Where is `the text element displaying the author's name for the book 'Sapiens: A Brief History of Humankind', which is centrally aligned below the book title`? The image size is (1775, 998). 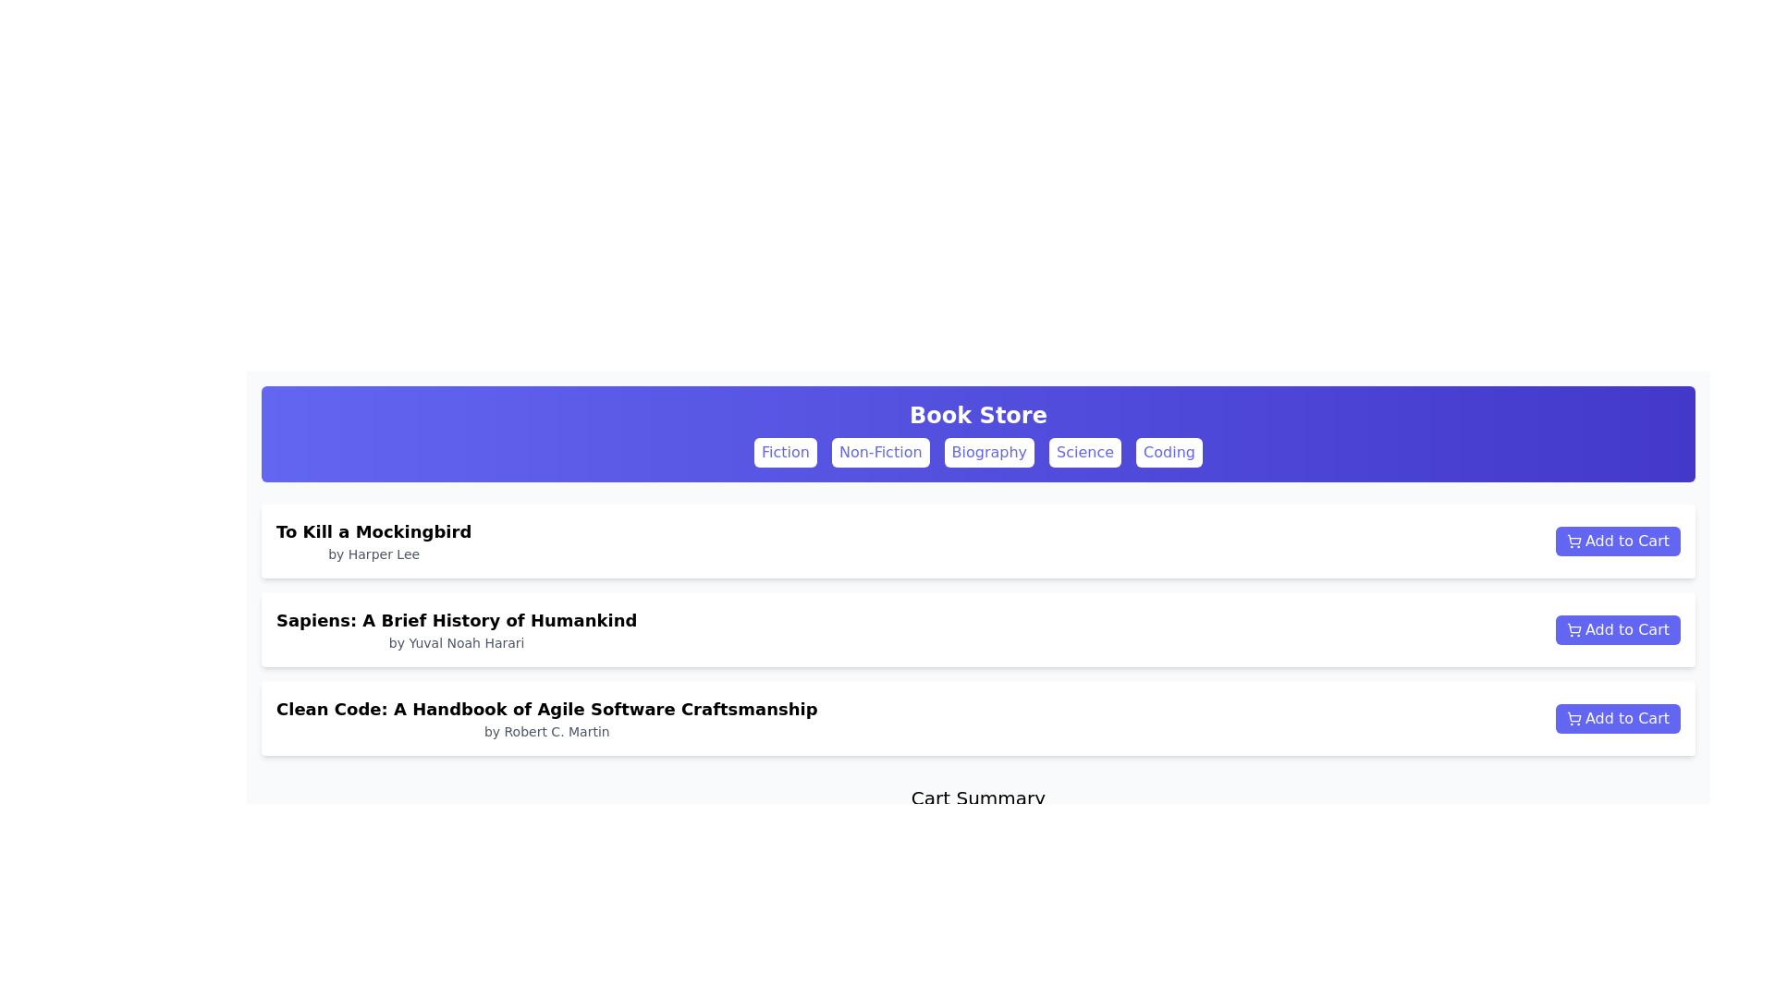
the text element displaying the author's name for the book 'Sapiens: A Brief History of Humankind', which is centrally aligned below the book title is located at coordinates (457, 641).